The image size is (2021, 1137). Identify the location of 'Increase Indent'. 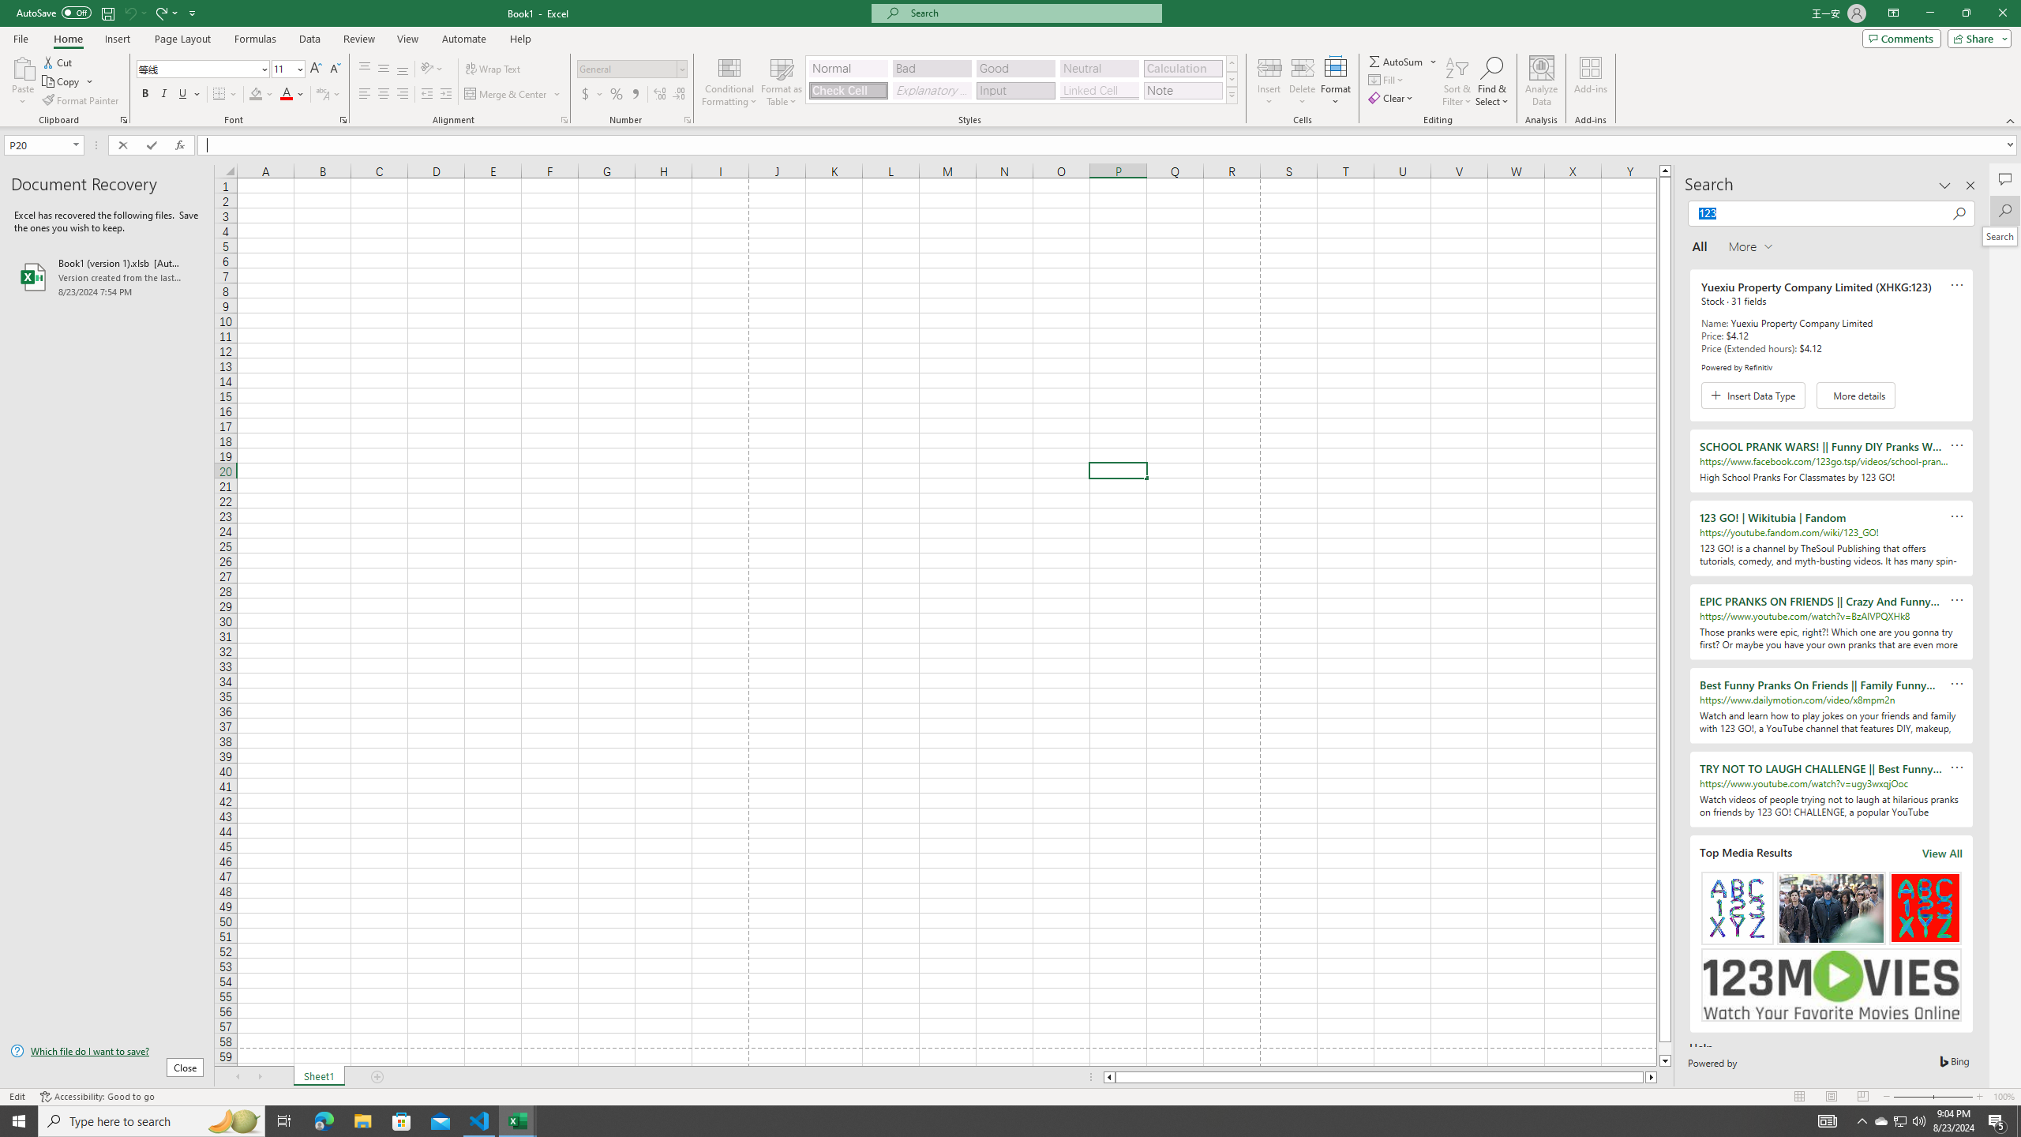
(444, 93).